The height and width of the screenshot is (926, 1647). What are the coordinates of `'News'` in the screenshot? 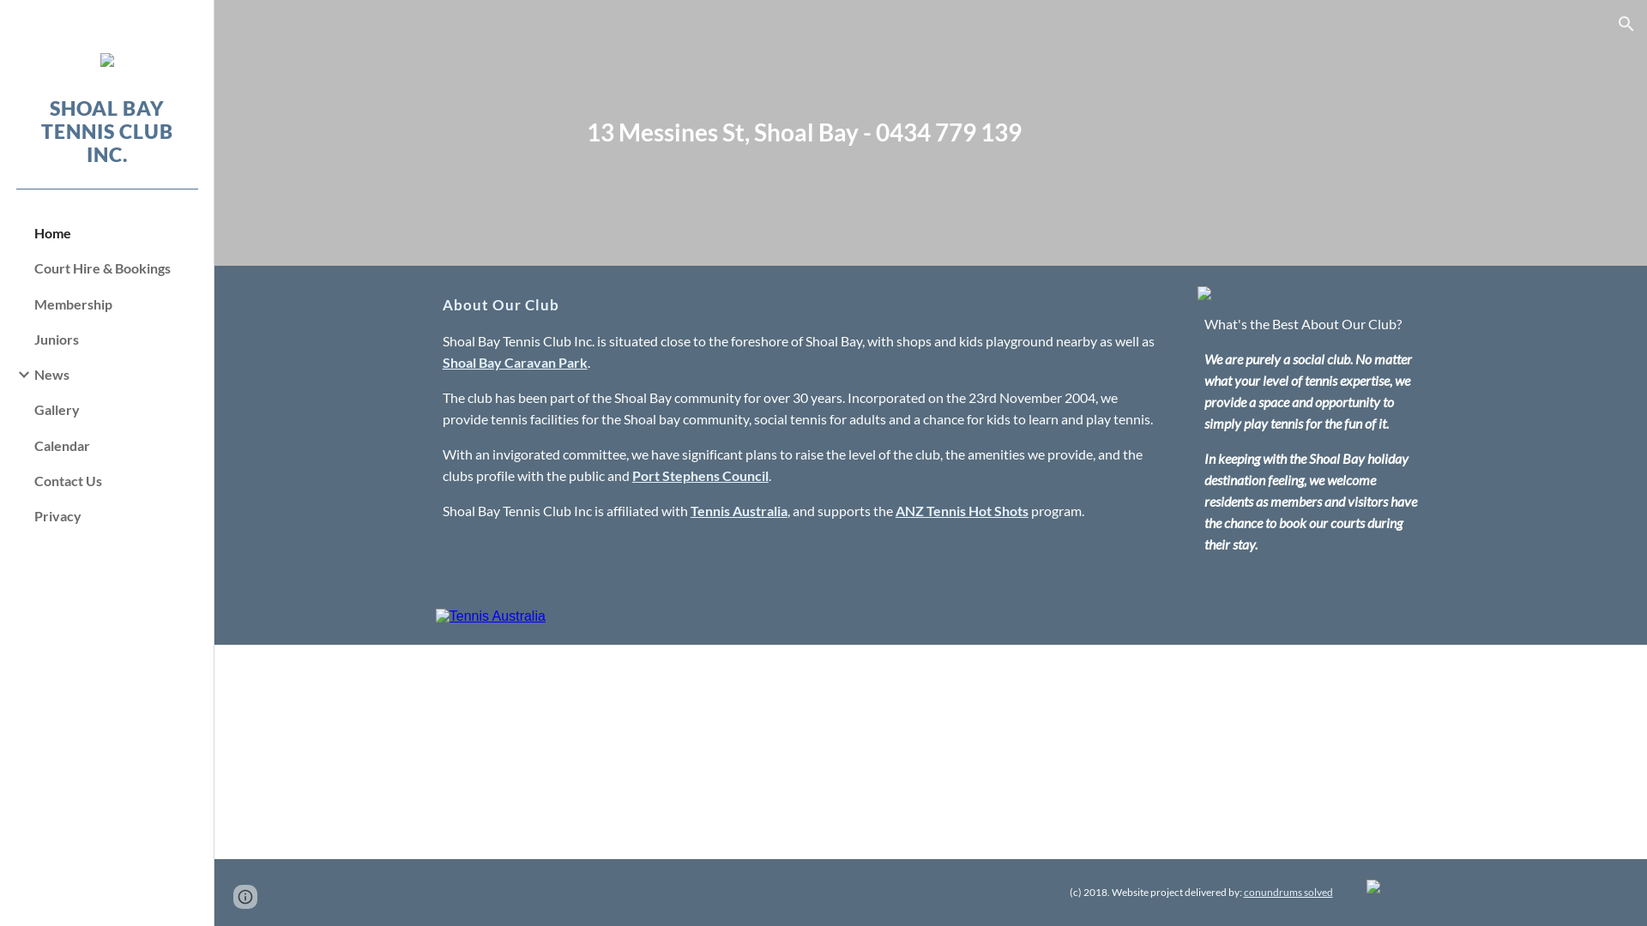 It's located at (116, 373).